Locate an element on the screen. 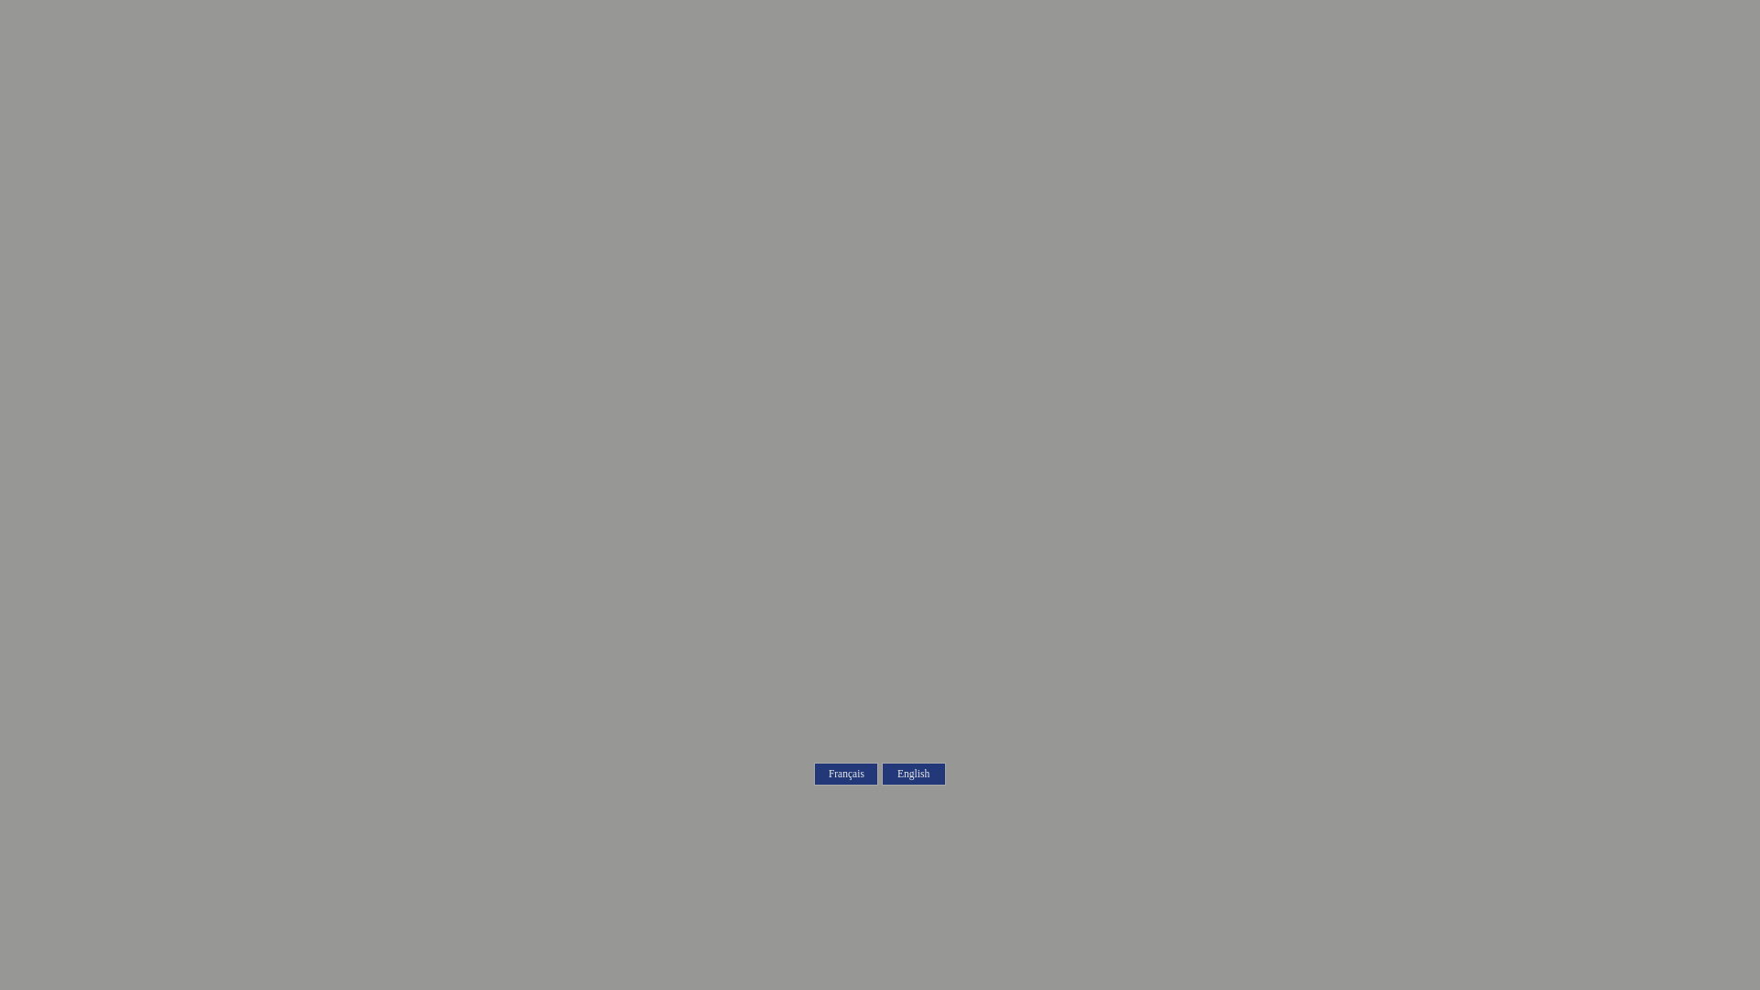 This screenshot has width=1760, height=990. 'English' is located at coordinates (914, 774).